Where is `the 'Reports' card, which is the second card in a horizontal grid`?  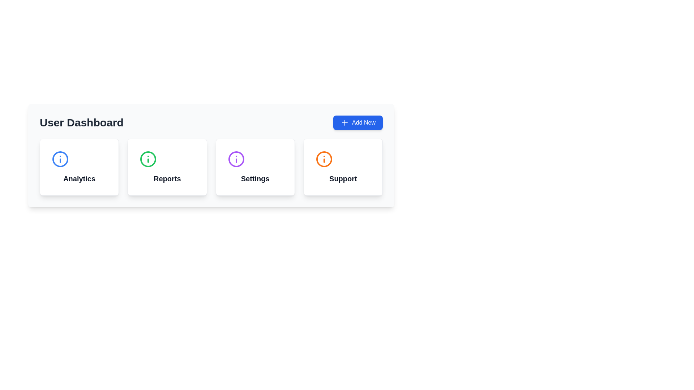 the 'Reports' card, which is the second card in a horizontal grid is located at coordinates (167, 167).